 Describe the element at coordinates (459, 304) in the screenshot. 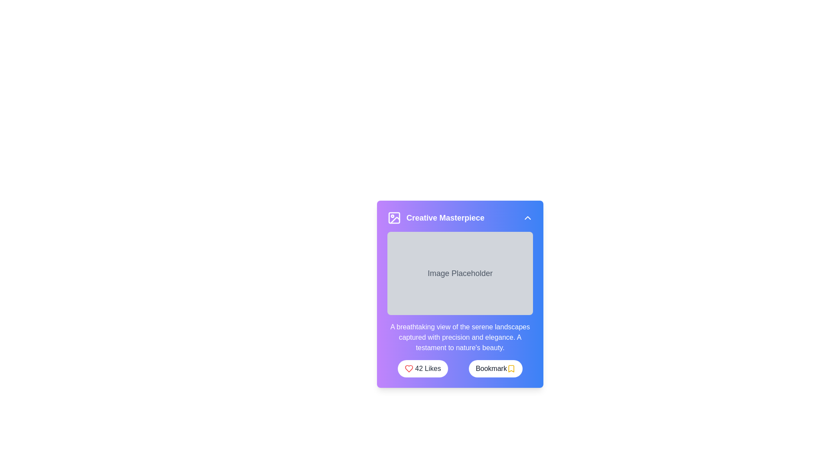

I see `the Image Placeholder element within the 'Creative Masterpiece' card` at that location.